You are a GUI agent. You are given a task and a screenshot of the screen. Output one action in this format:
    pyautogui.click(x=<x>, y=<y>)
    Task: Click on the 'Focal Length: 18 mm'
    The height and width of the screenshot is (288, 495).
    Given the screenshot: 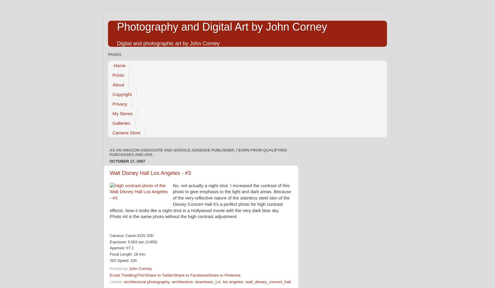 What is the action you would take?
    pyautogui.click(x=109, y=254)
    